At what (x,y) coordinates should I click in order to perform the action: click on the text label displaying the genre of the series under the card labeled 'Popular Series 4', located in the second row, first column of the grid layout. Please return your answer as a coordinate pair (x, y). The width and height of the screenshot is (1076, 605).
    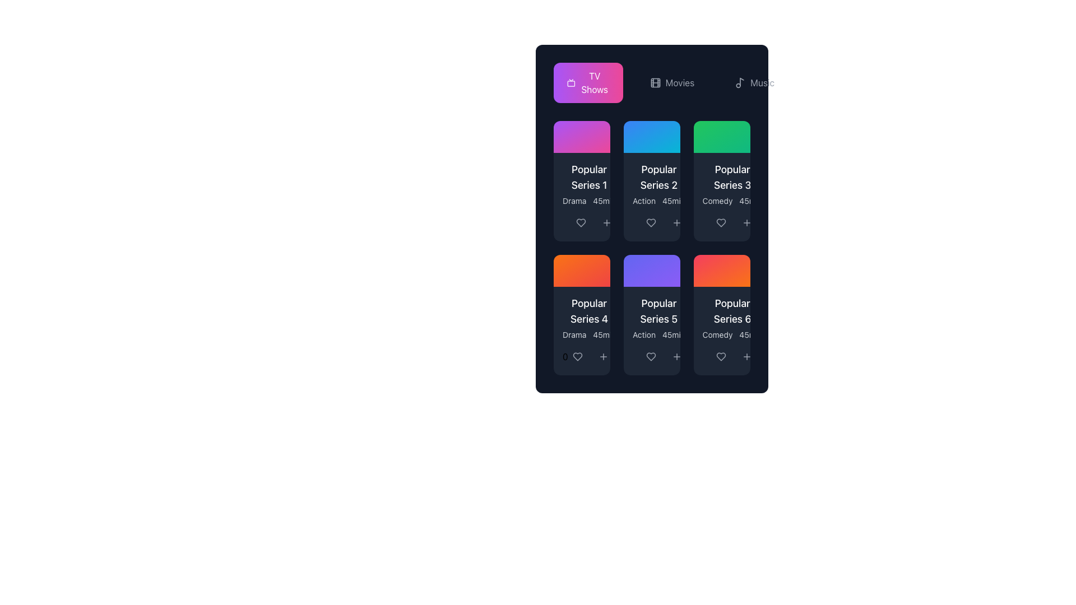
    Looking at the image, I should click on (574, 334).